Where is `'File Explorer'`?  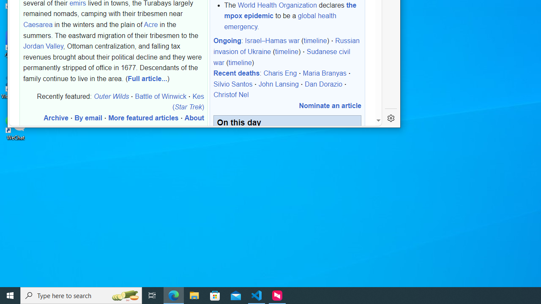 'File Explorer' is located at coordinates (194, 295).